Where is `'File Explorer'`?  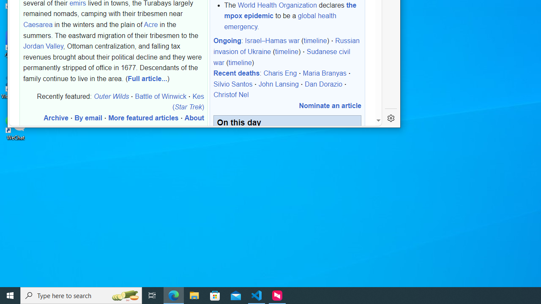 'File Explorer' is located at coordinates (194, 295).